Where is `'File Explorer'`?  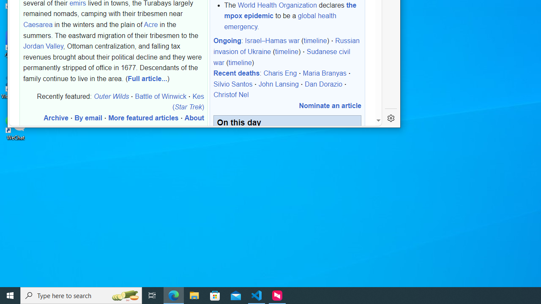 'File Explorer' is located at coordinates (194, 295).